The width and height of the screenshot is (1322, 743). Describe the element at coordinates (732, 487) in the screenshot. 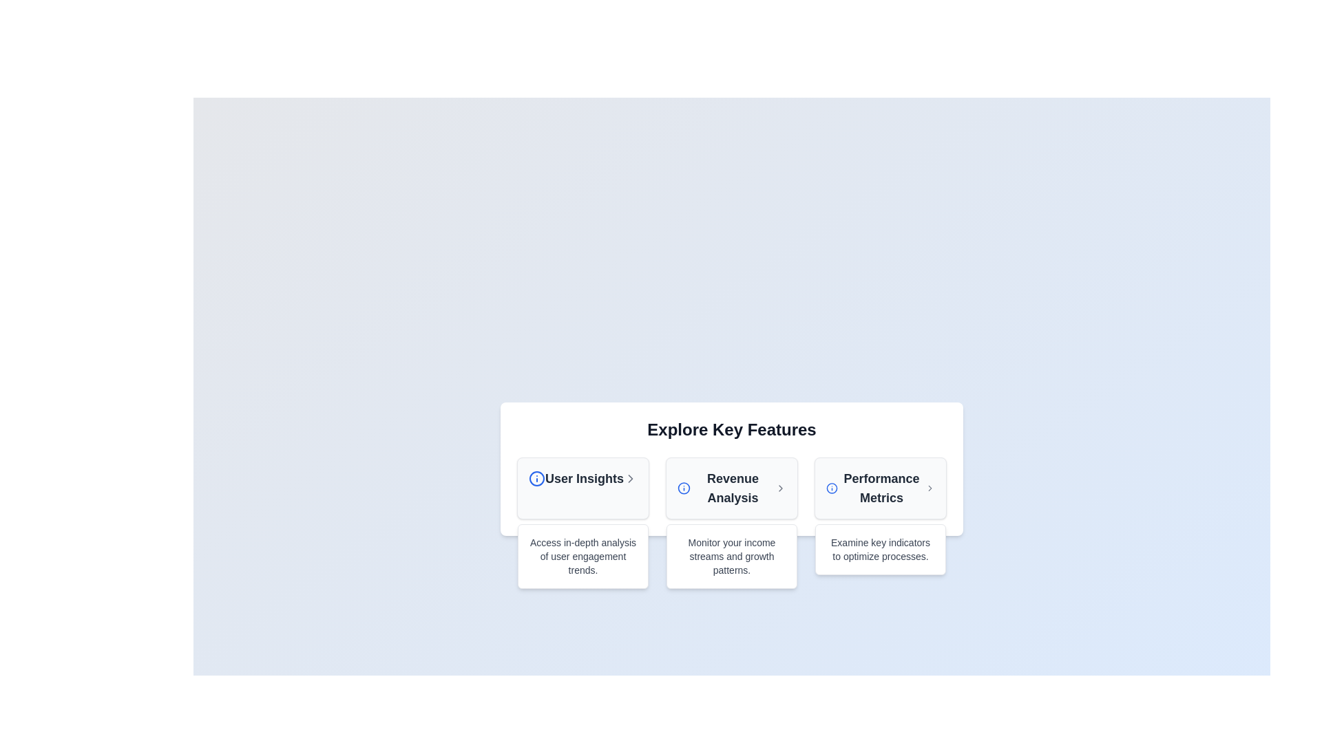

I see `the 'Revenue Analysis' text label, which is the second card in a group of three under 'Explore Key Features'` at that location.